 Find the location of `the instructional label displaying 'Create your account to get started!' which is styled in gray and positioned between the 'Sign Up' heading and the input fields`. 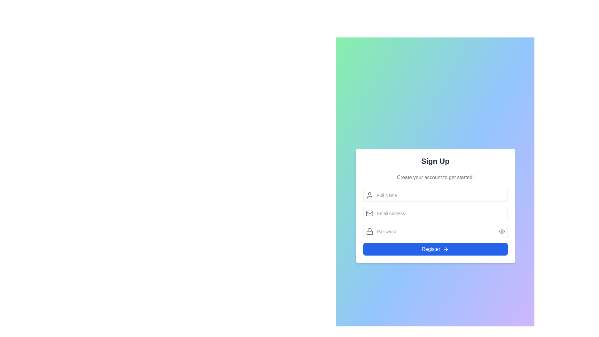

the instructional label displaying 'Create your account to get started!' which is styled in gray and positioned between the 'Sign Up' heading and the input fields is located at coordinates (435, 178).